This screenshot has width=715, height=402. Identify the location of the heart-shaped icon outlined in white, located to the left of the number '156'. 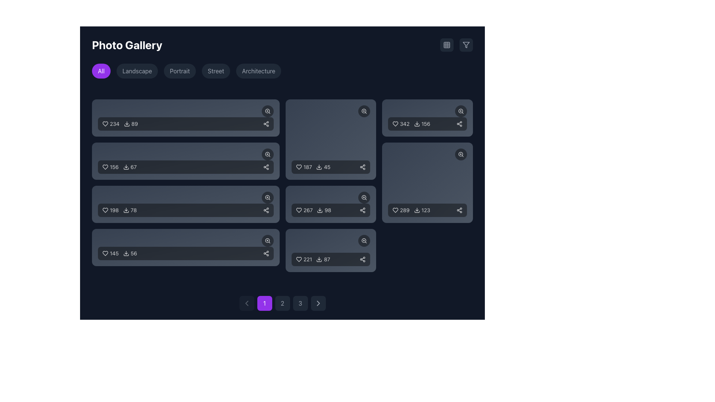
(105, 166).